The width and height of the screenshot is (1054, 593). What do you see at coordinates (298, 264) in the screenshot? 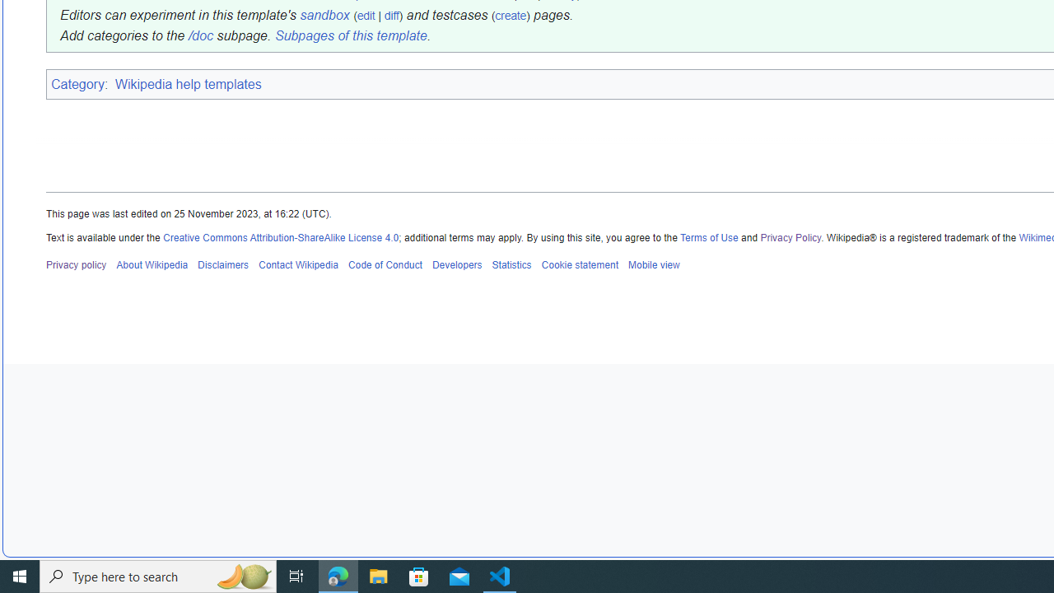
I see `'Contact Wikipedia'` at bounding box center [298, 264].